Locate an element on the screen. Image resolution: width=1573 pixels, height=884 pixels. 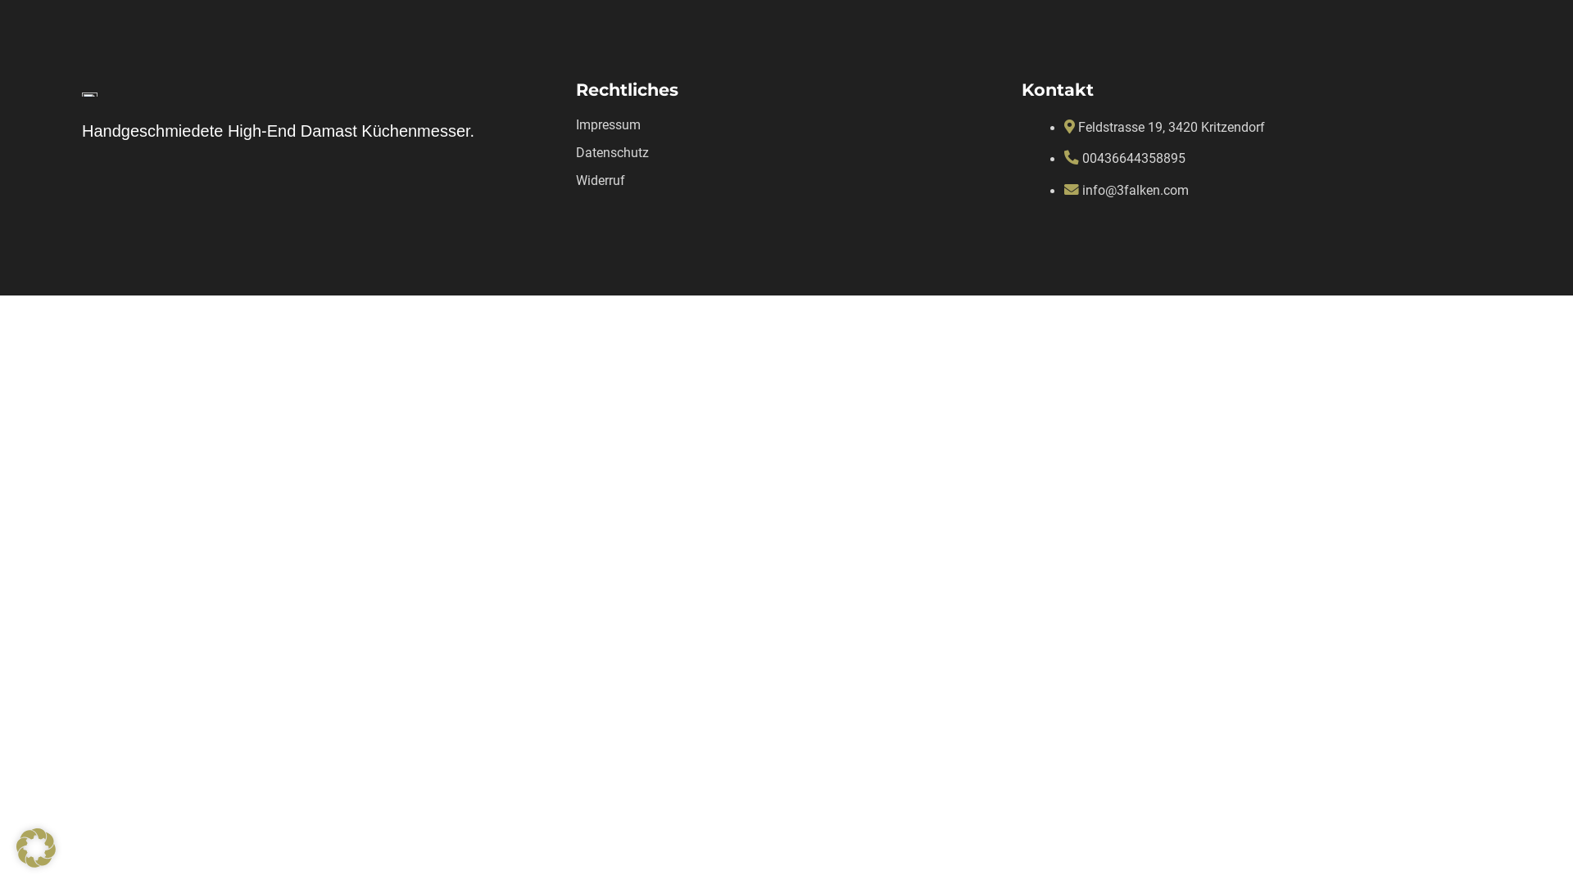
'Impressum' is located at coordinates (607, 124).